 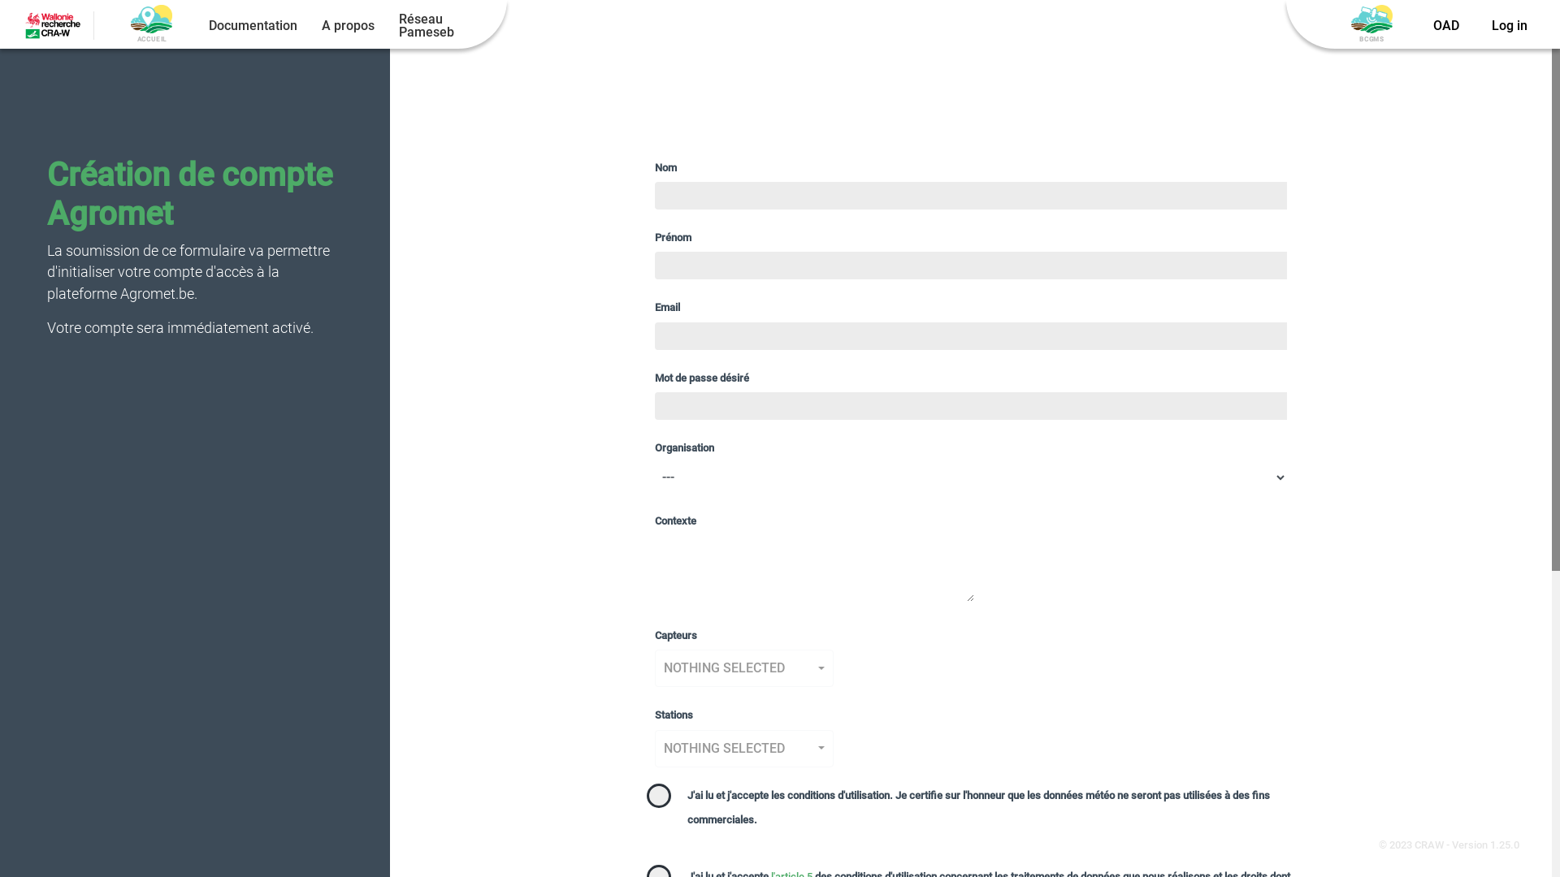 I want to click on 'OAD', so click(x=1446, y=25).